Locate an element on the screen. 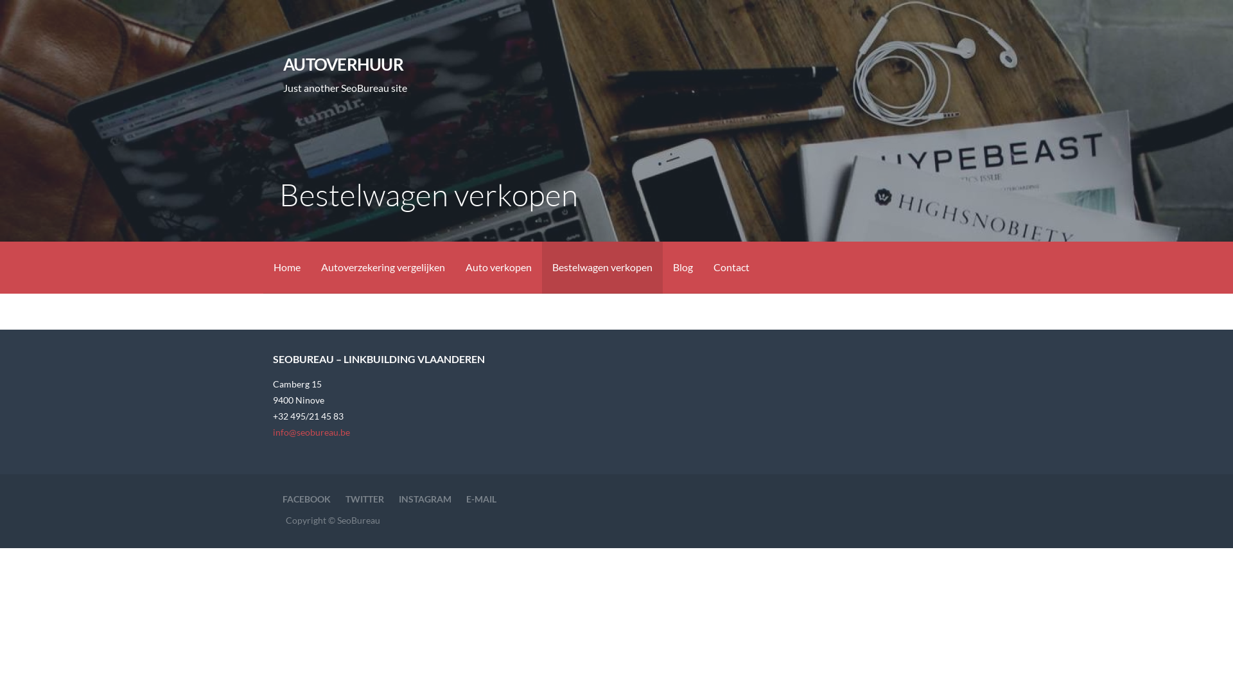 This screenshot has width=1233, height=694. 'TWITTER' is located at coordinates (363, 498).